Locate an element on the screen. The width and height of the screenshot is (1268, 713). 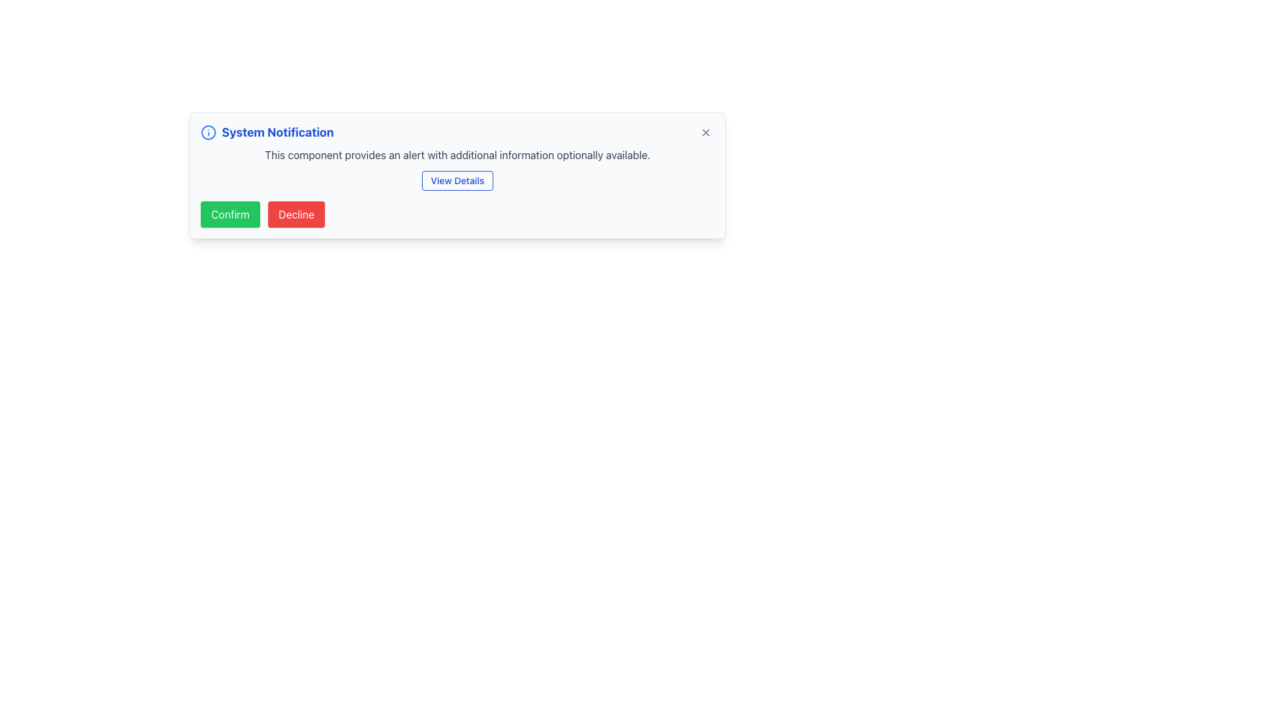
main heading text of the notification, which is located in the top-left section of the notification card and is accompanied by an informational icon is located at coordinates (266, 132).